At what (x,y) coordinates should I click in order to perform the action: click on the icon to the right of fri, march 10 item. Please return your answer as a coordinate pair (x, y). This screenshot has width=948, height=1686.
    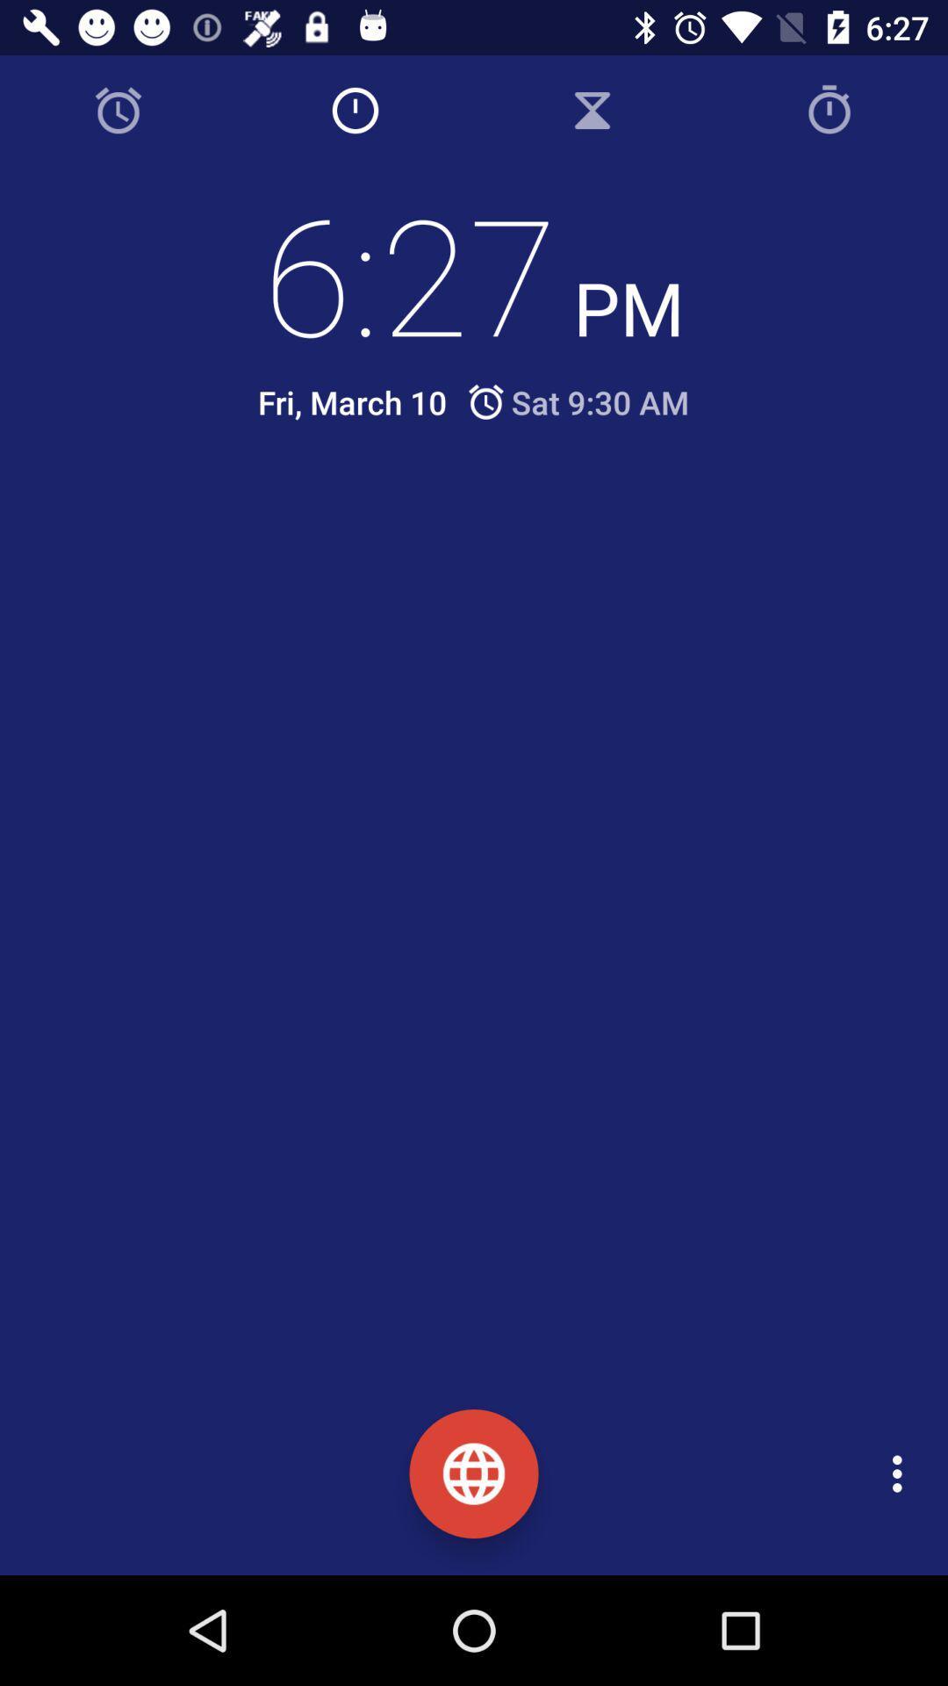
    Looking at the image, I should click on (577, 401).